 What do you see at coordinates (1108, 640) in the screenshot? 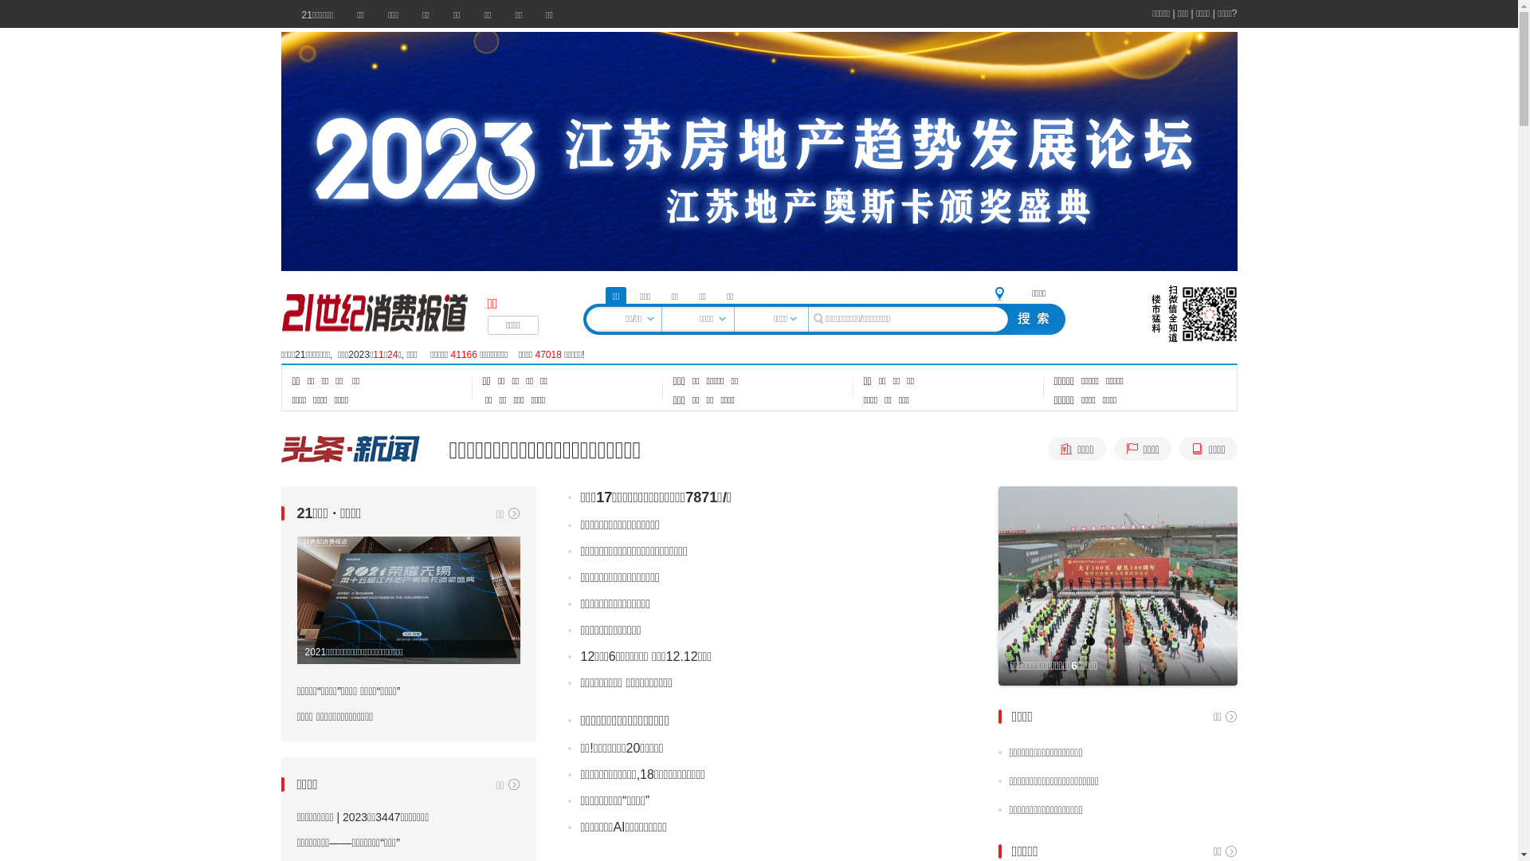
I see `'3'` at bounding box center [1108, 640].